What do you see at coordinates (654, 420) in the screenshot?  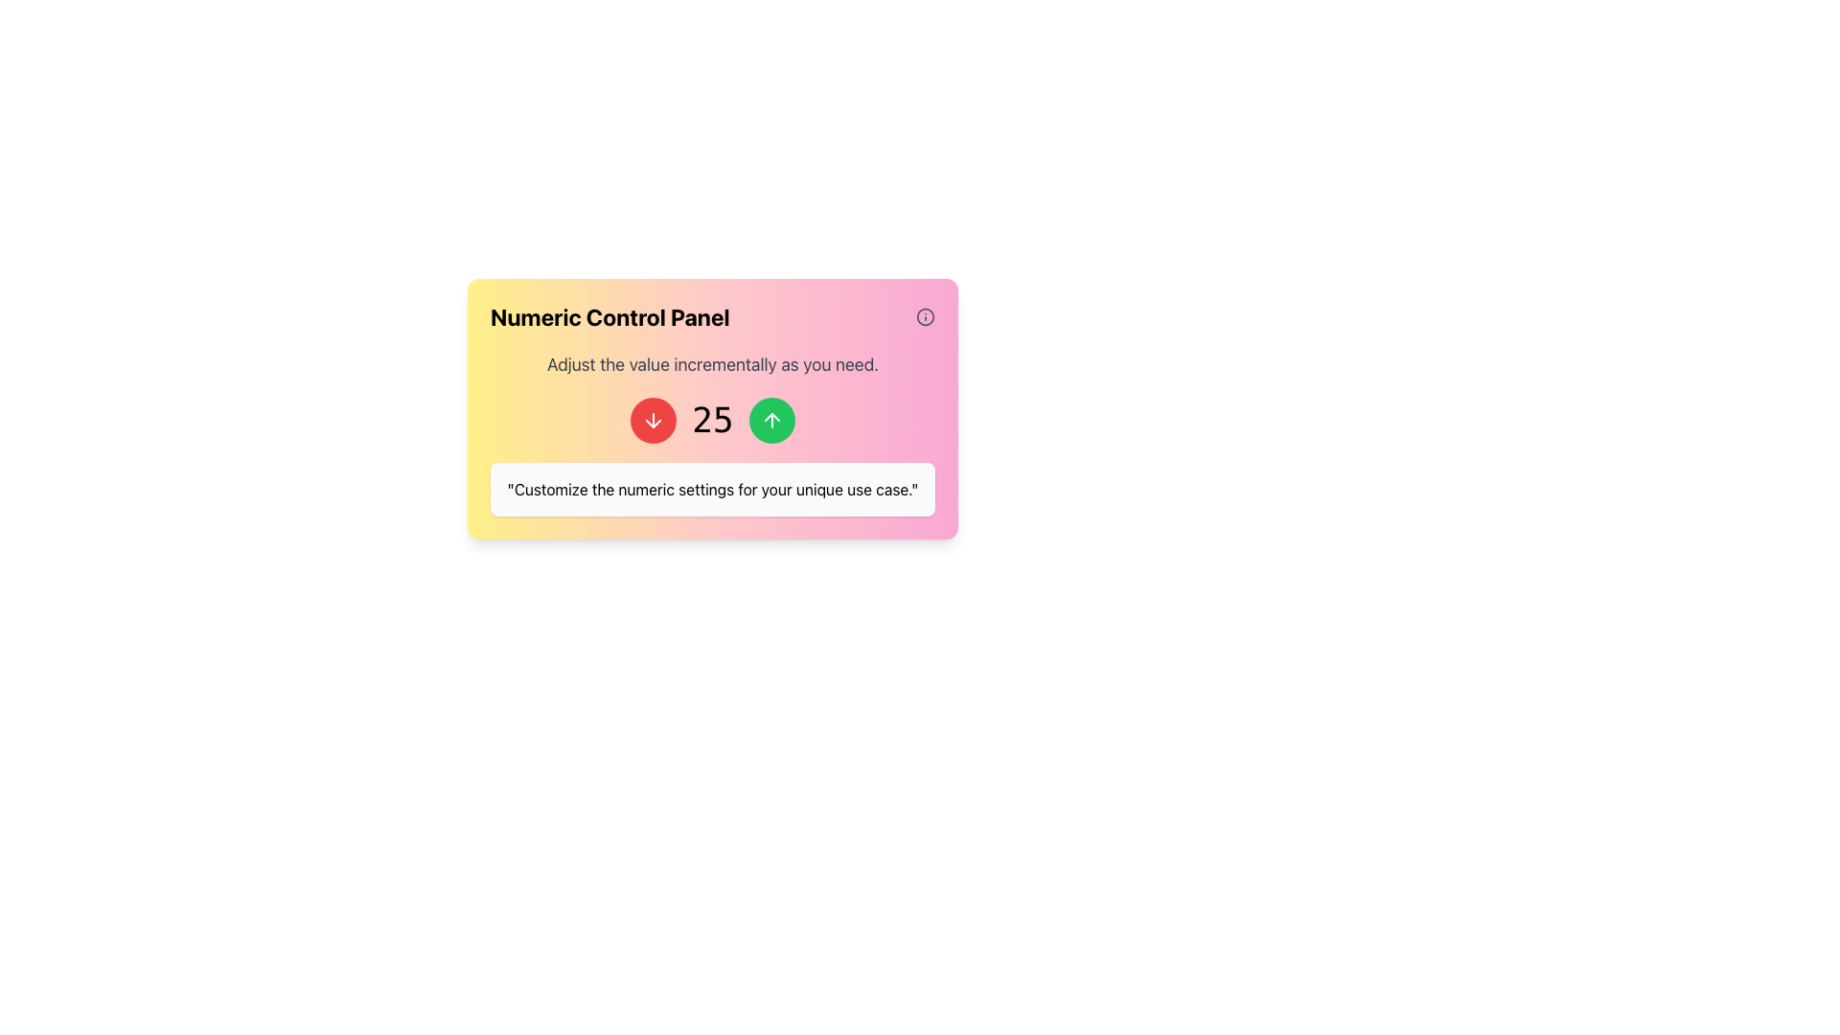 I see `the decrement button located to the left of the numeric value display '25' to decrease the displayed value` at bounding box center [654, 420].